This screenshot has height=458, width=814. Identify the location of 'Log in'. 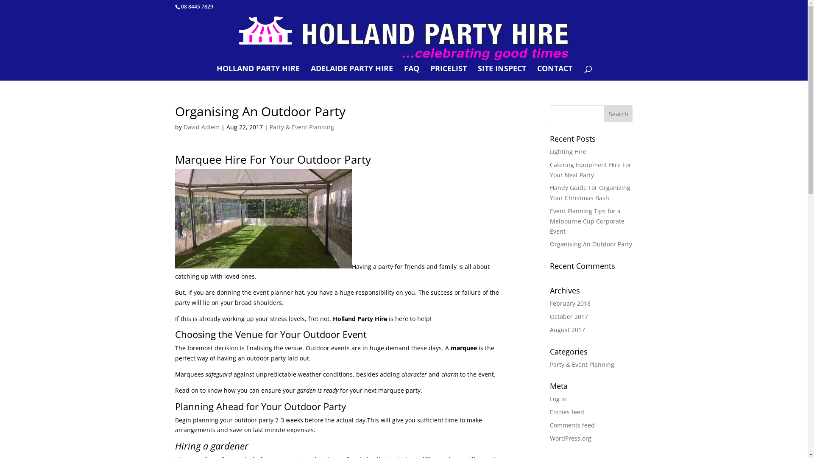
(558, 399).